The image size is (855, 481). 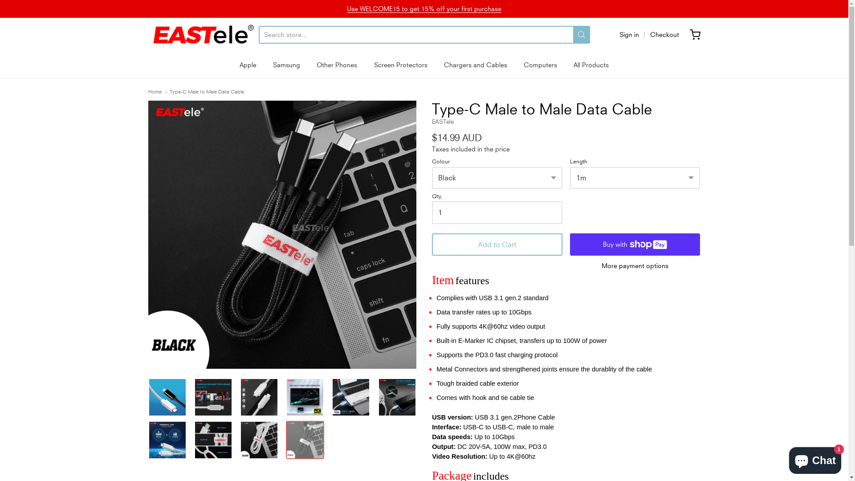 What do you see at coordinates (540, 65) in the screenshot?
I see `'Computers'` at bounding box center [540, 65].